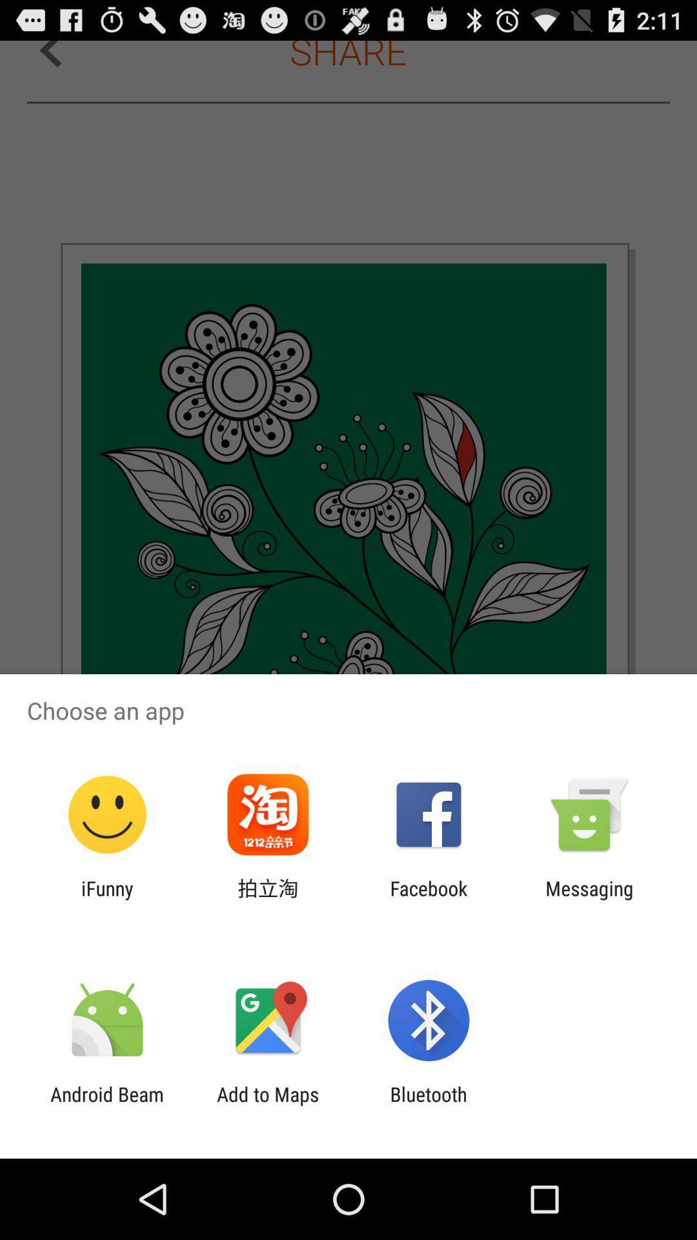 Image resolution: width=697 pixels, height=1240 pixels. What do you see at coordinates (106, 1105) in the screenshot?
I see `the android beam app` at bounding box center [106, 1105].